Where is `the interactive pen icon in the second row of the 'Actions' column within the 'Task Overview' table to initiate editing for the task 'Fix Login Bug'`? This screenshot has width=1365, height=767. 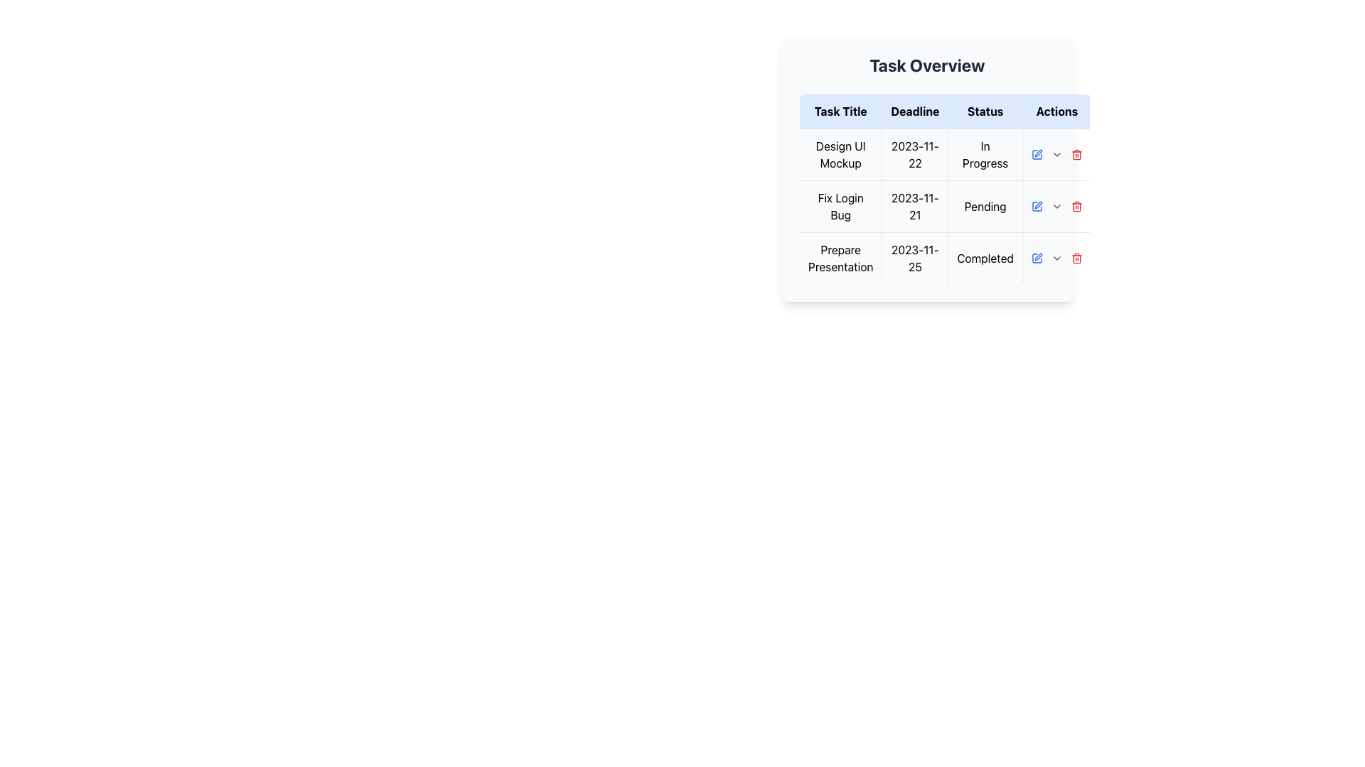
the interactive pen icon in the second row of the 'Actions' column within the 'Task Overview' table to initiate editing for the task 'Fix Login Bug' is located at coordinates (1037, 206).